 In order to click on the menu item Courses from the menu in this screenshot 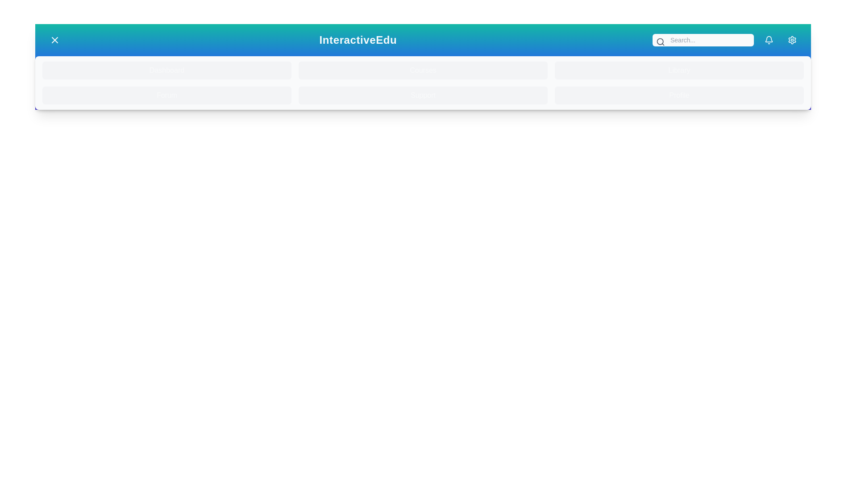, I will do `click(423, 70)`.